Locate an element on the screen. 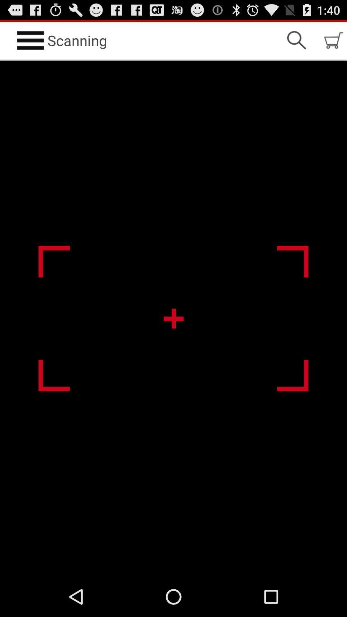 The width and height of the screenshot is (347, 617). item next to the scanning item is located at coordinates (296, 40).